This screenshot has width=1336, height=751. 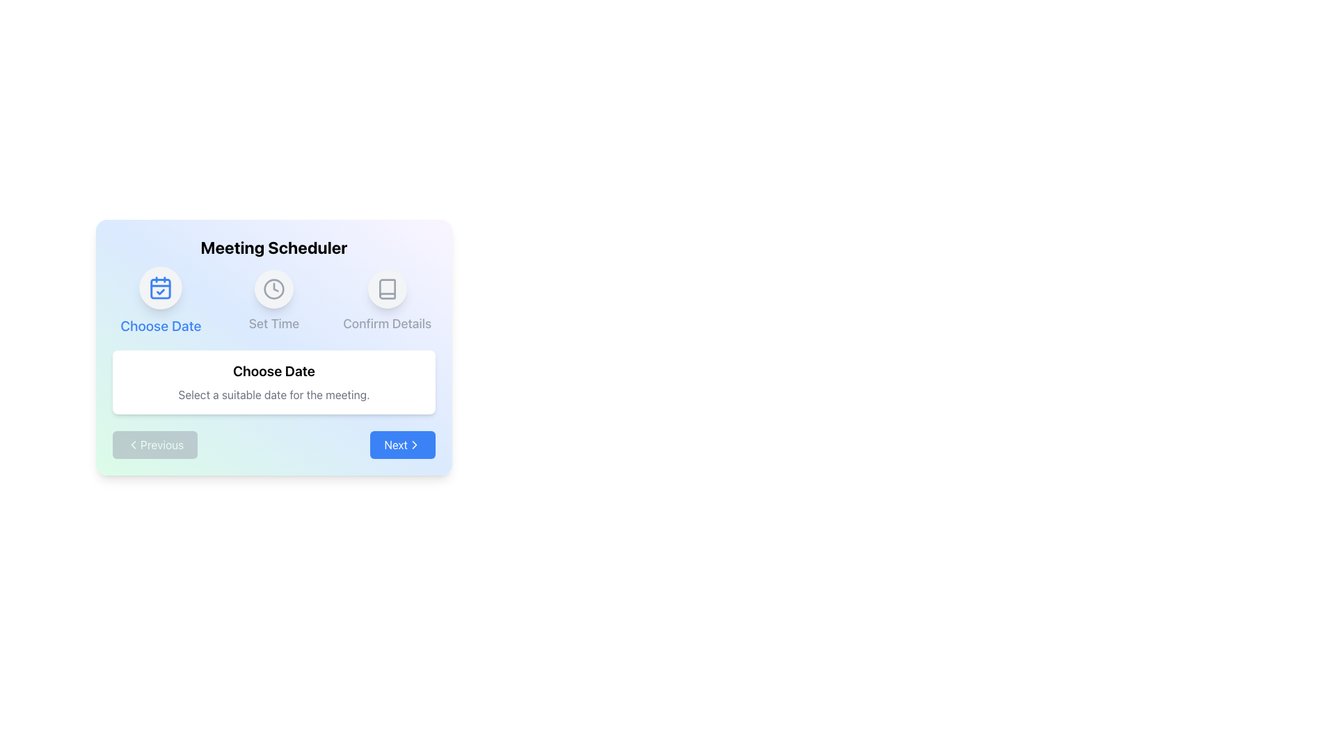 I want to click on the Decorative/Informational icon with a calendar illustration inside, located in the 'Choose Date' section of the 'Meeting Scheduler' interface, so click(x=161, y=287).